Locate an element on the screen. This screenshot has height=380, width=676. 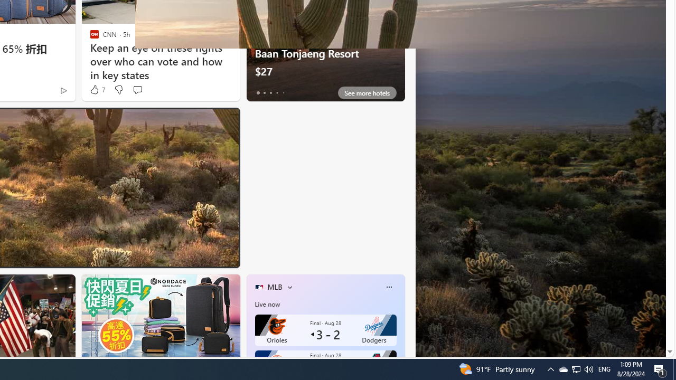
'tab-3' is located at coordinates (277, 92).